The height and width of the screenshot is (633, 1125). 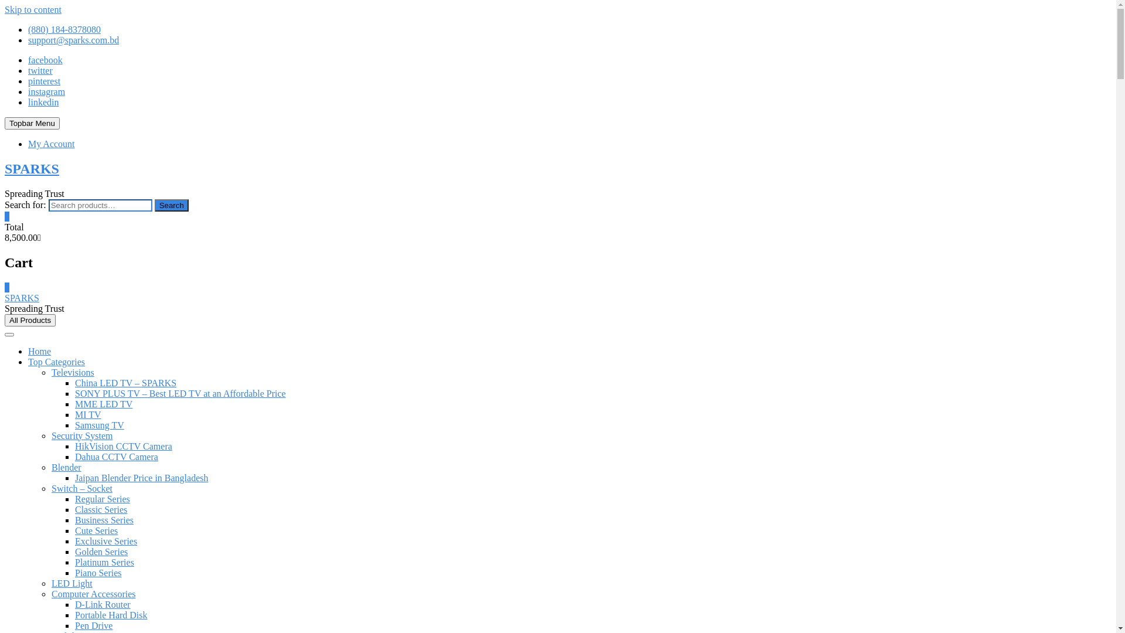 I want to click on 'Golden Series', so click(x=101, y=552).